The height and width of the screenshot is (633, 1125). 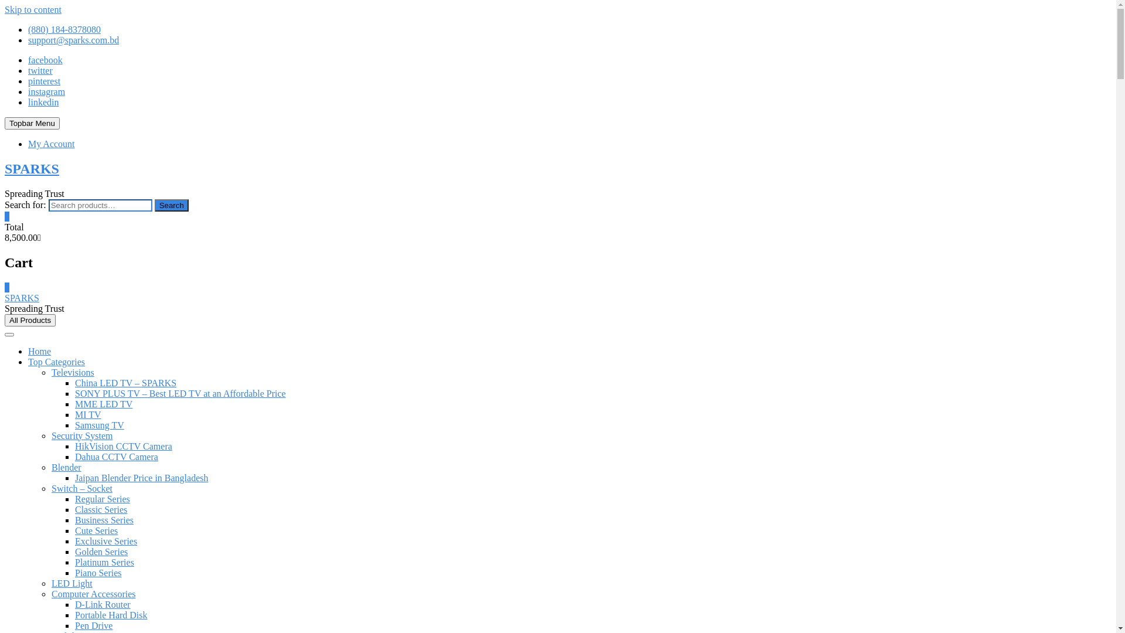 I want to click on 'Golden Series', so click(x=101, y=552).